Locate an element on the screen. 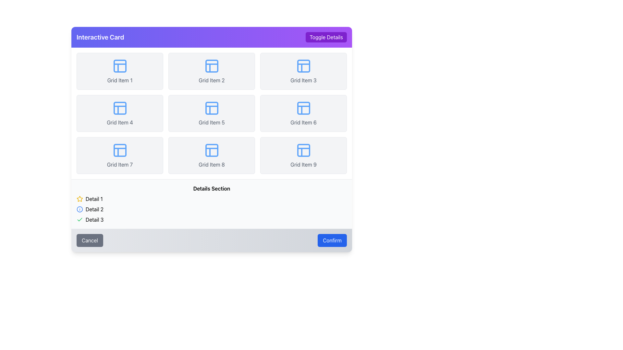 This screenshot has width=623, height=350. the green checkmark icon located to the left of the text 'Detail 3' in the 'Details Section' for status indication is located at coordinates (79, 219).